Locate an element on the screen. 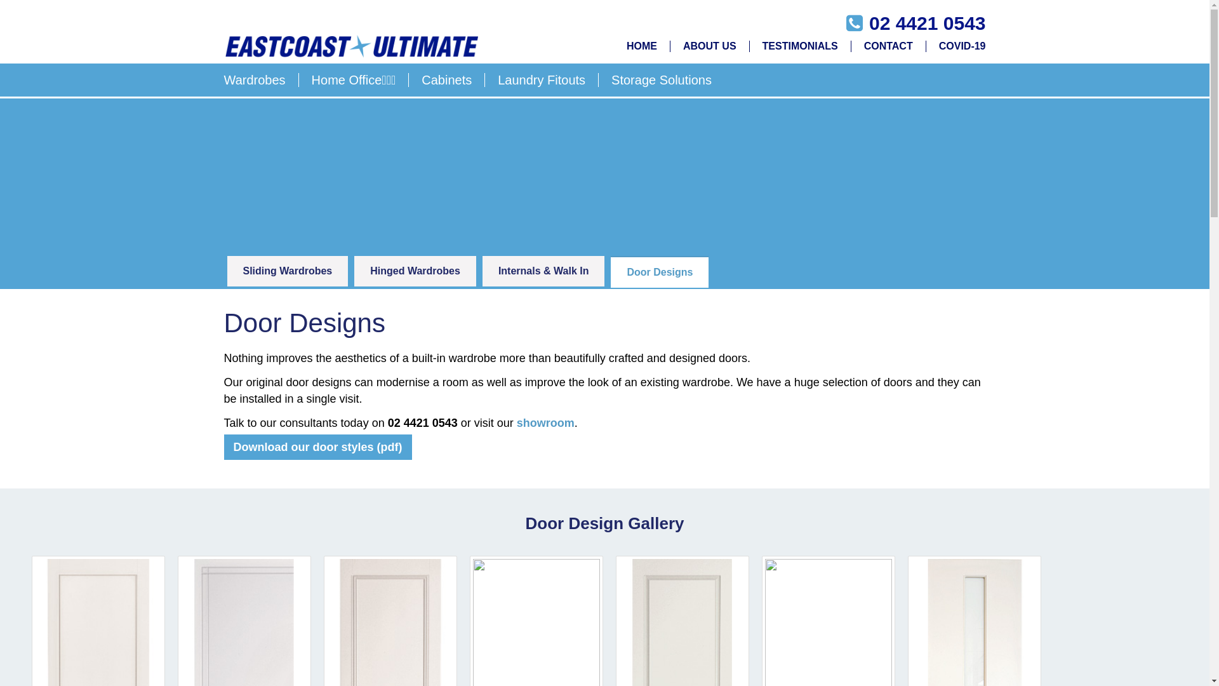 The width and height of the screenshot is (1219, 686). 'Internals & Walk In' is located at coordinates (543, 271).